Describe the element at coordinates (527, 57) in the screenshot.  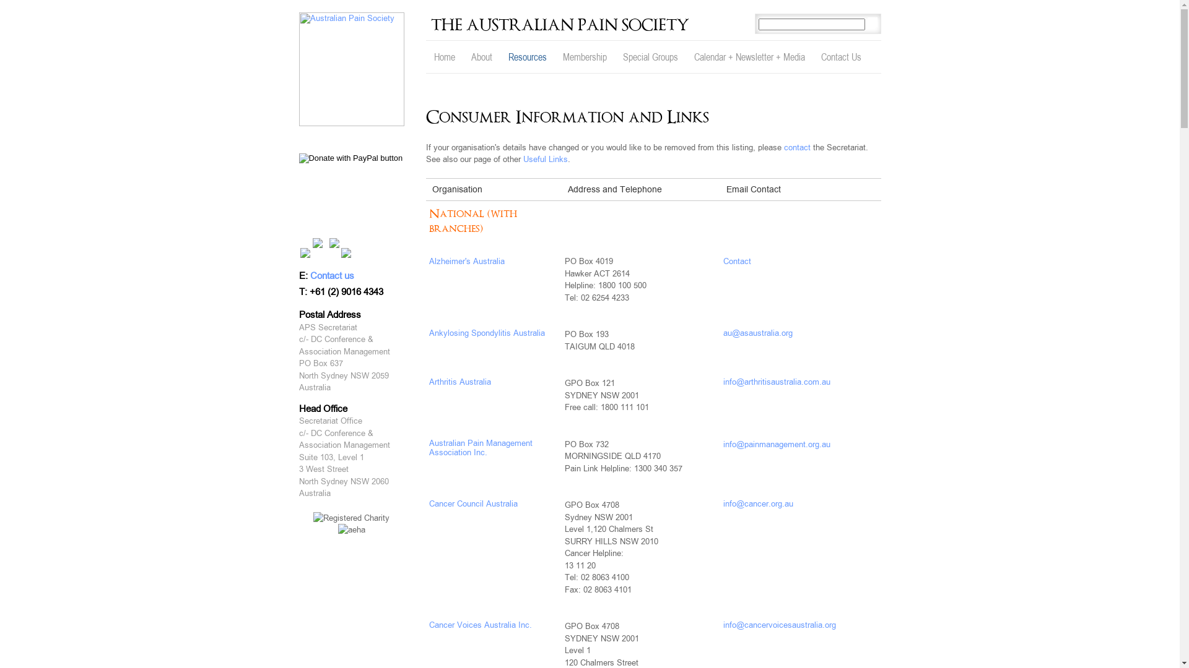
I see `'Resources'` at that location.